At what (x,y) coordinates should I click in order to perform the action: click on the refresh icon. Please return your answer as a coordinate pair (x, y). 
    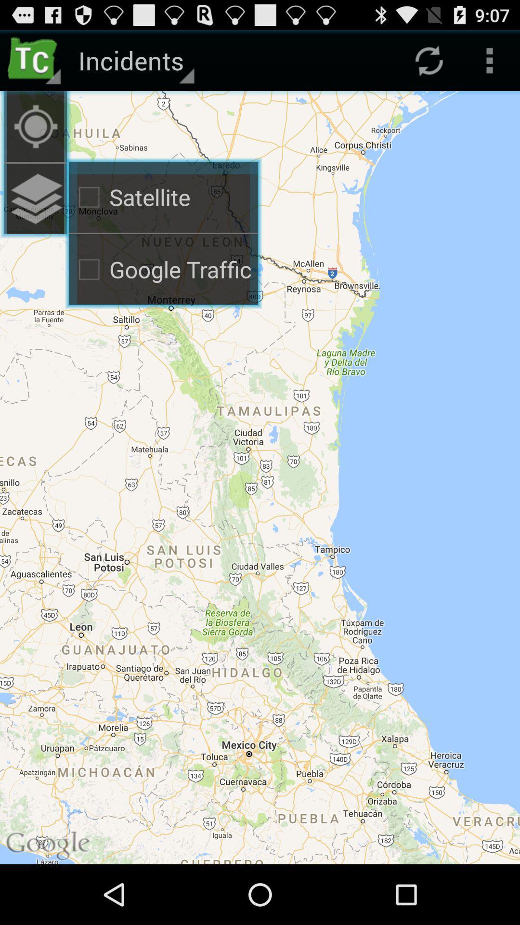
    Looking at the image, I should click on (429, 64).